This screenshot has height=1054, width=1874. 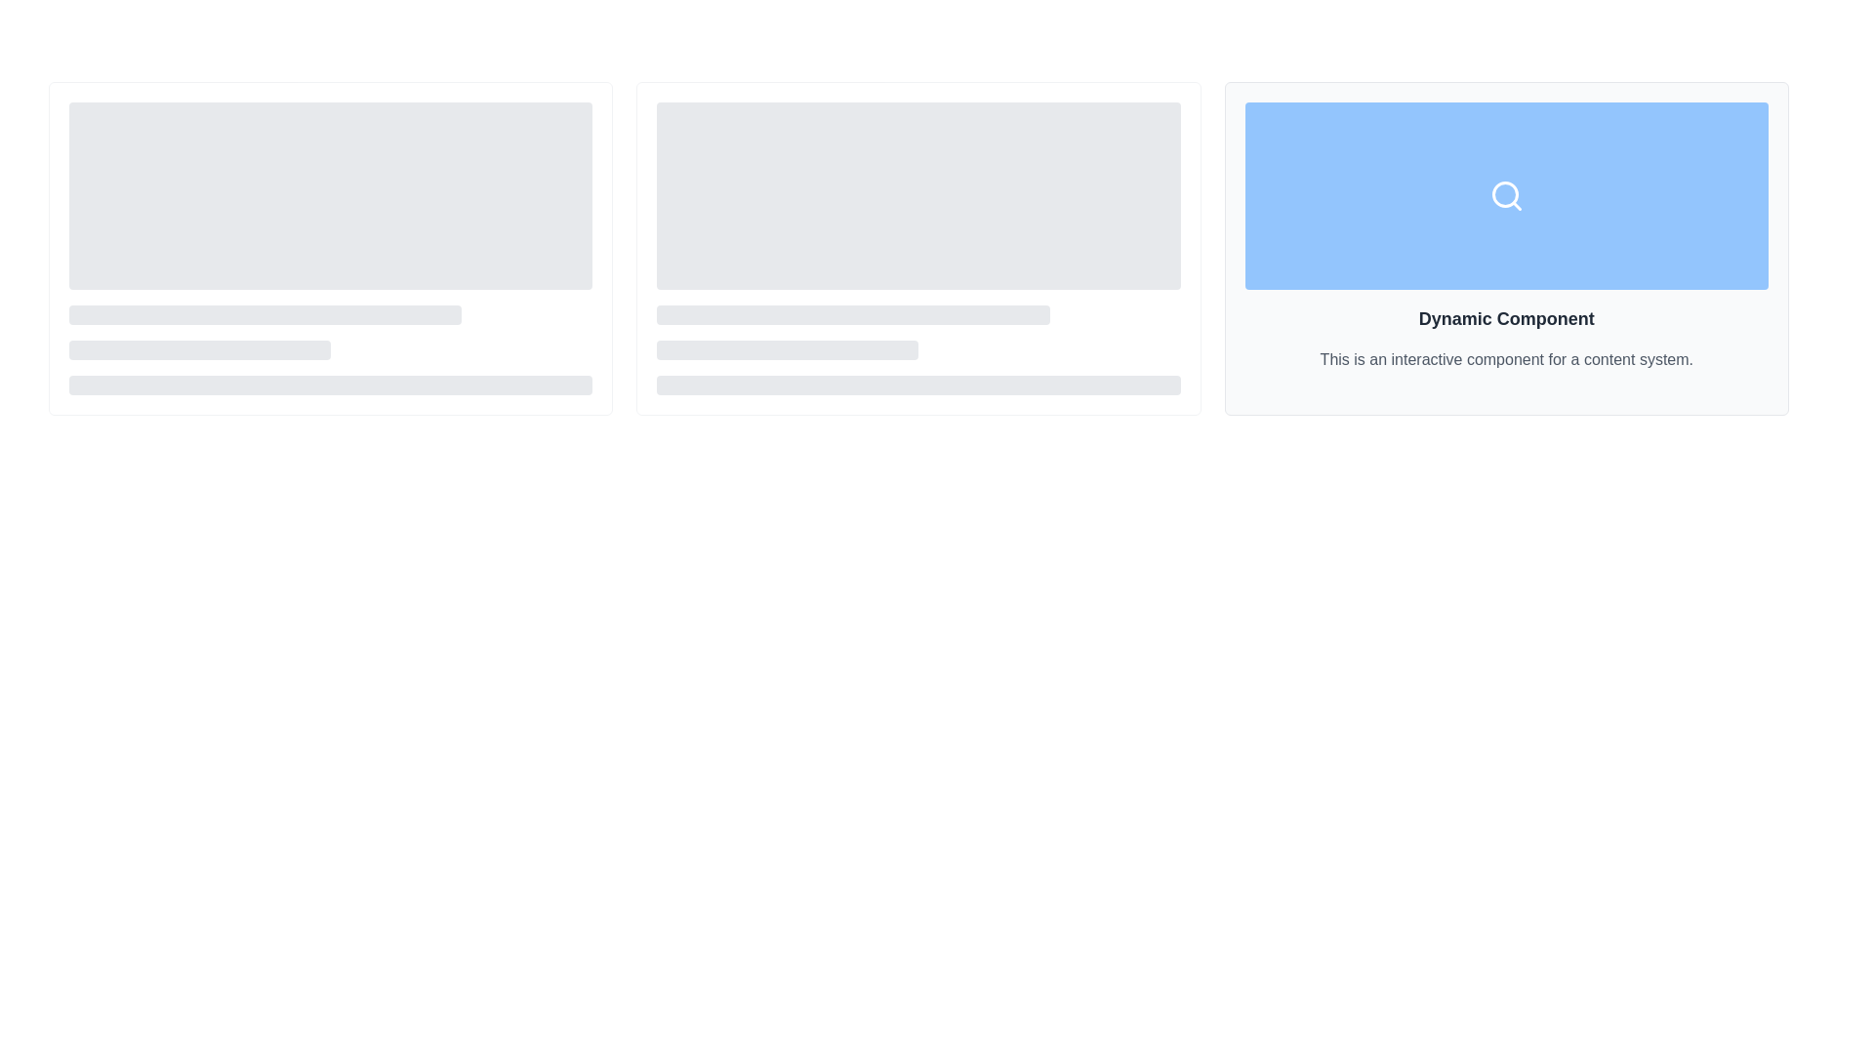 What do you see at coordinates (1505, 195) in the screenshot?
I see `the search icon located in the blue section of the rightmost dynamic component` at bounding box center [1505, 195].